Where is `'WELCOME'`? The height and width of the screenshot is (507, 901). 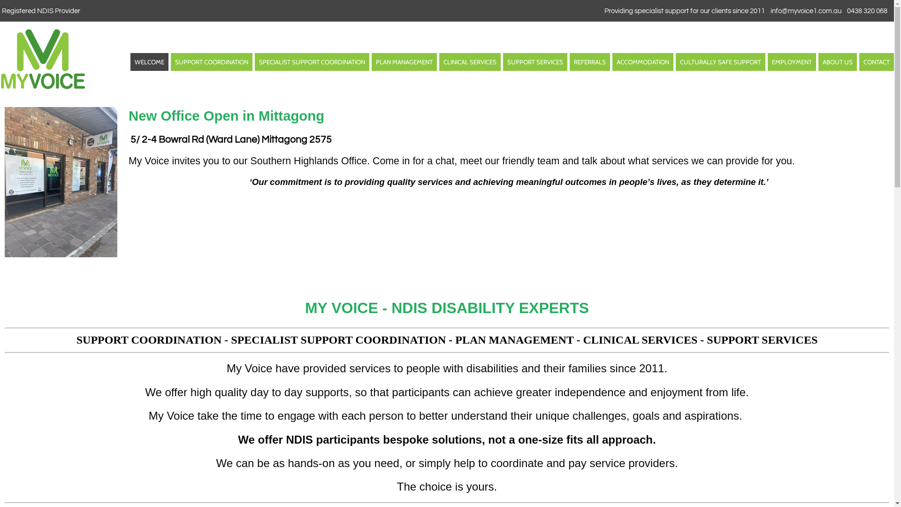
'WELCOME' is located at coordinates (130, 62).